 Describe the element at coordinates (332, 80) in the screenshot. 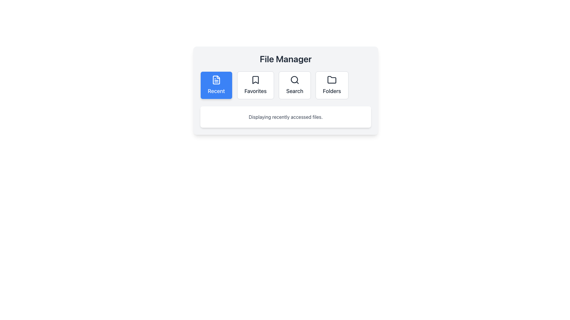

I see `the 'Folders' icon located on the far right of the row within the 'File Manager' panel` at that location.